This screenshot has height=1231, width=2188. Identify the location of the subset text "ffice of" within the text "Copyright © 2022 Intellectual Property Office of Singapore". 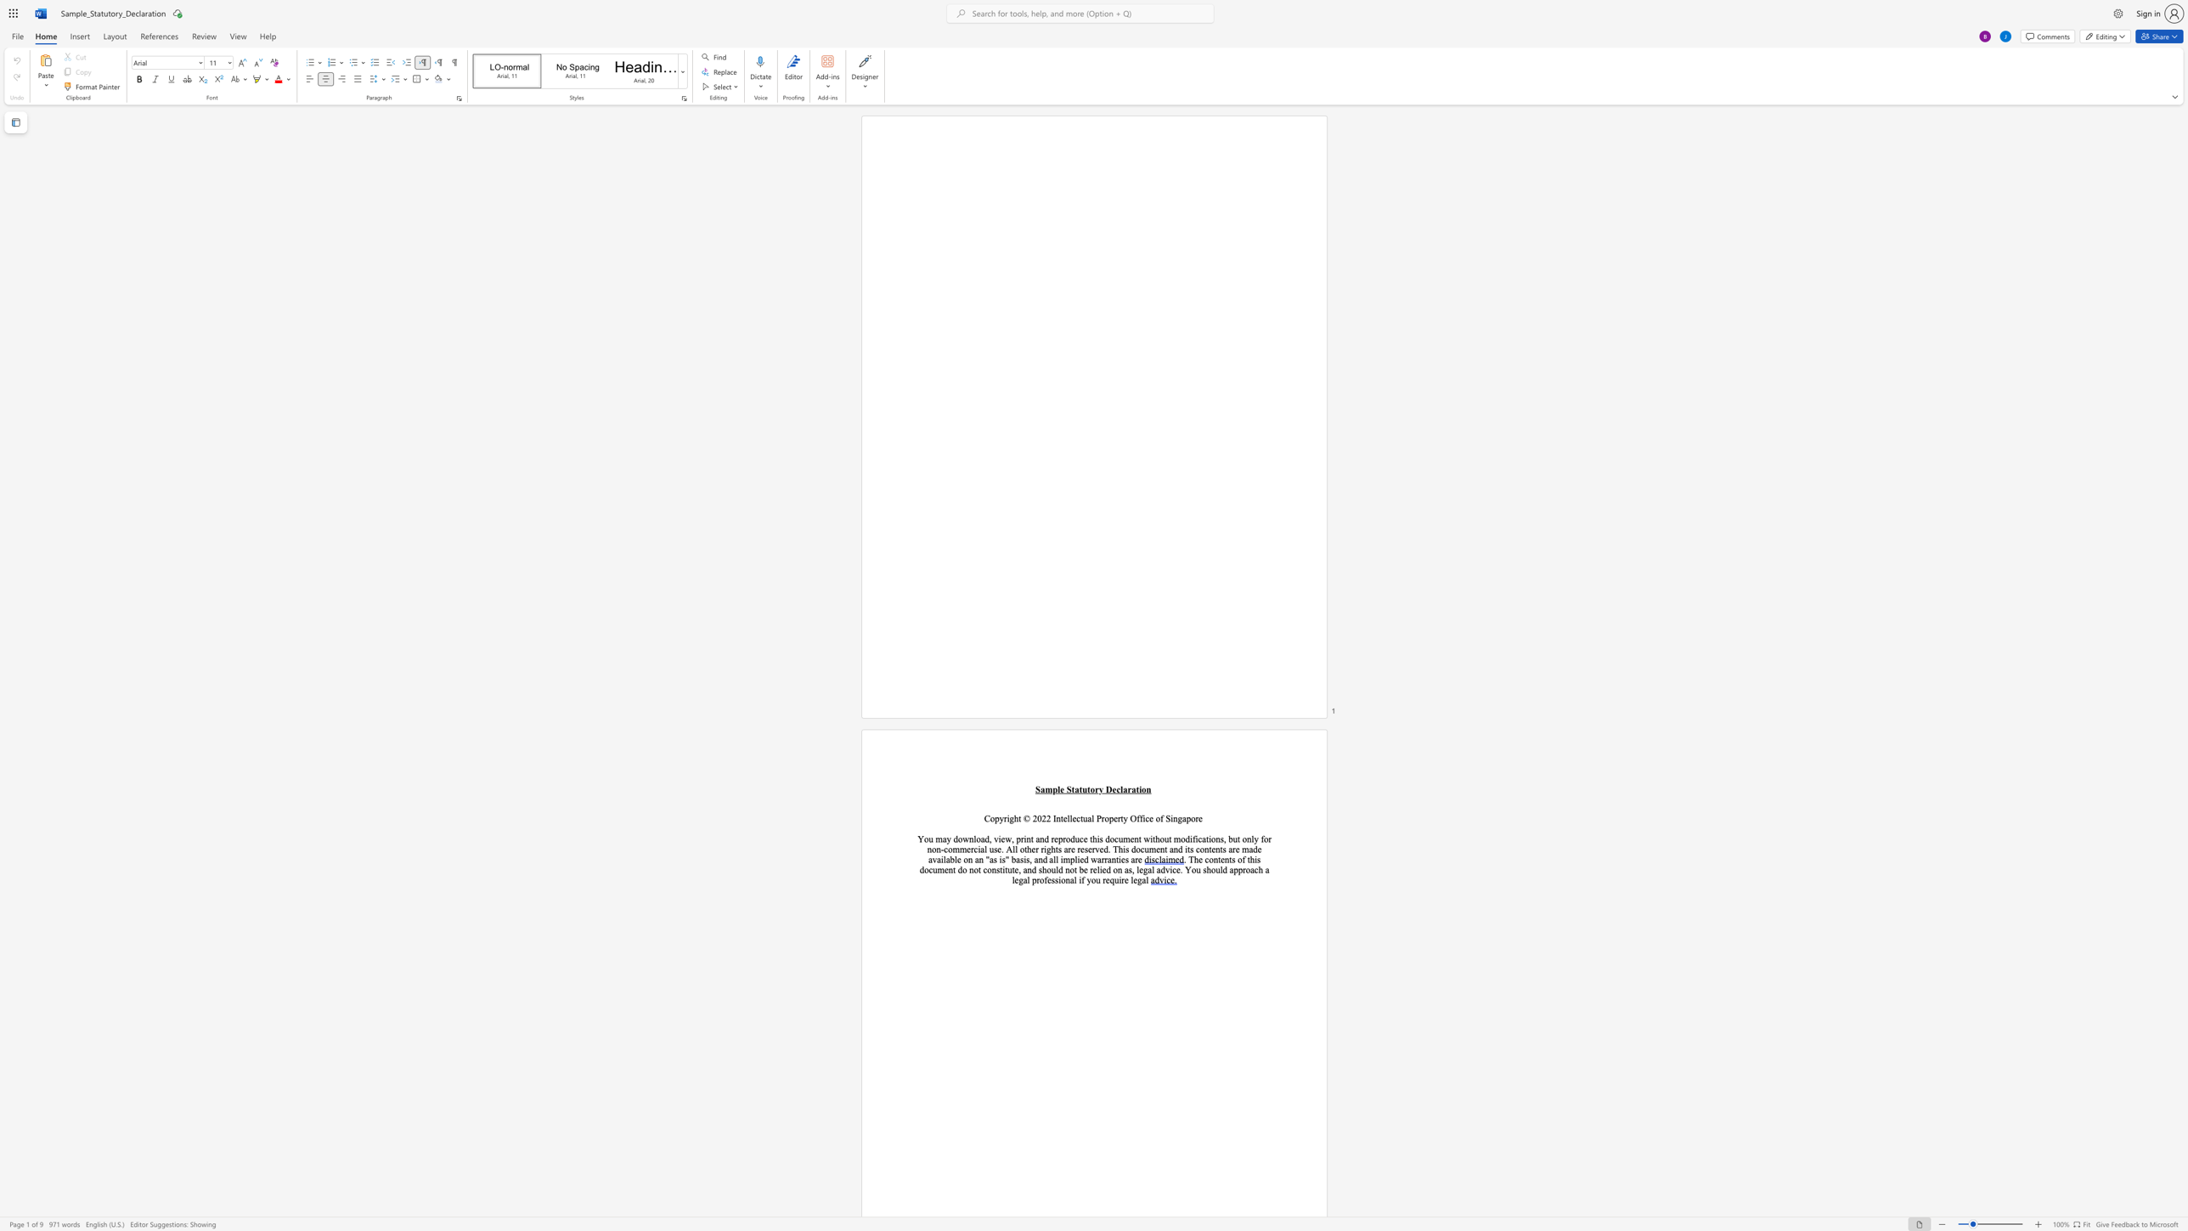
(1136, 818).